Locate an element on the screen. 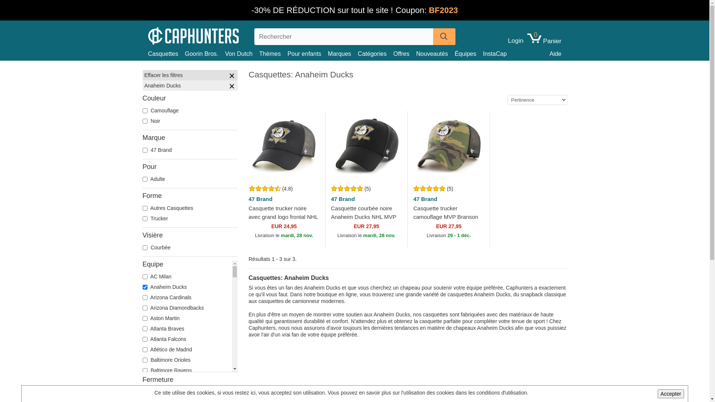  'Pour enfants' is located at coordinates (308, 53).